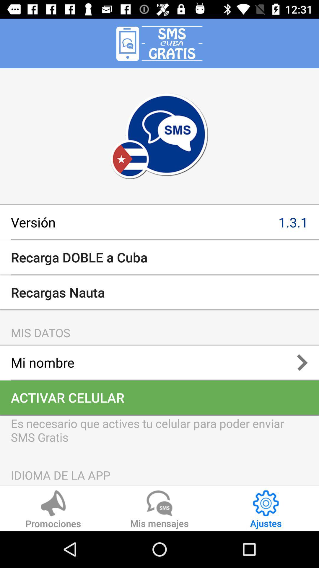  I want to click on the button to the left of ajustes, so click(159, 510).